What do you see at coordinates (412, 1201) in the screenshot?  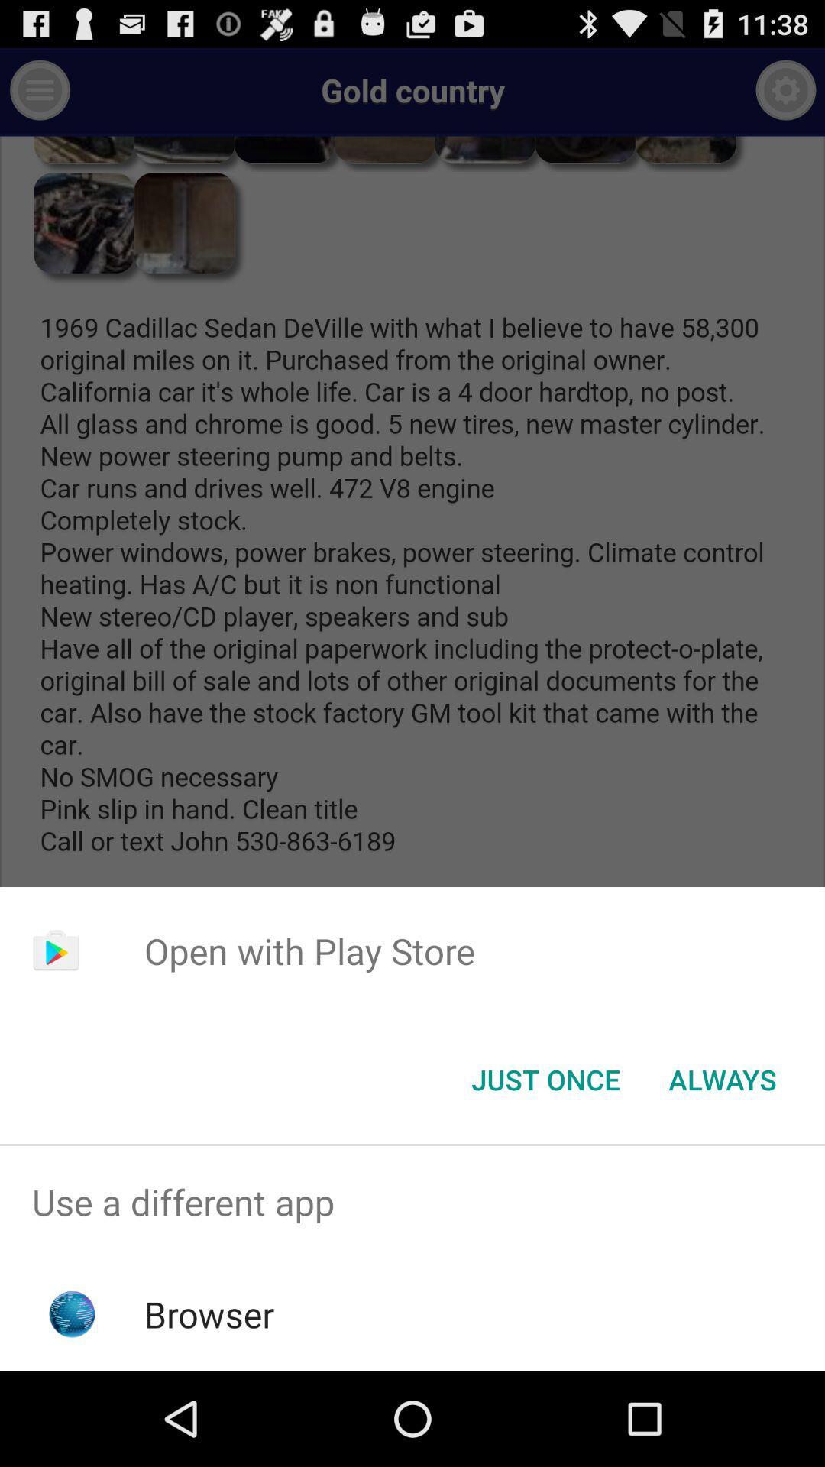 I see `the use a different` at bounding box center [412, 1201].